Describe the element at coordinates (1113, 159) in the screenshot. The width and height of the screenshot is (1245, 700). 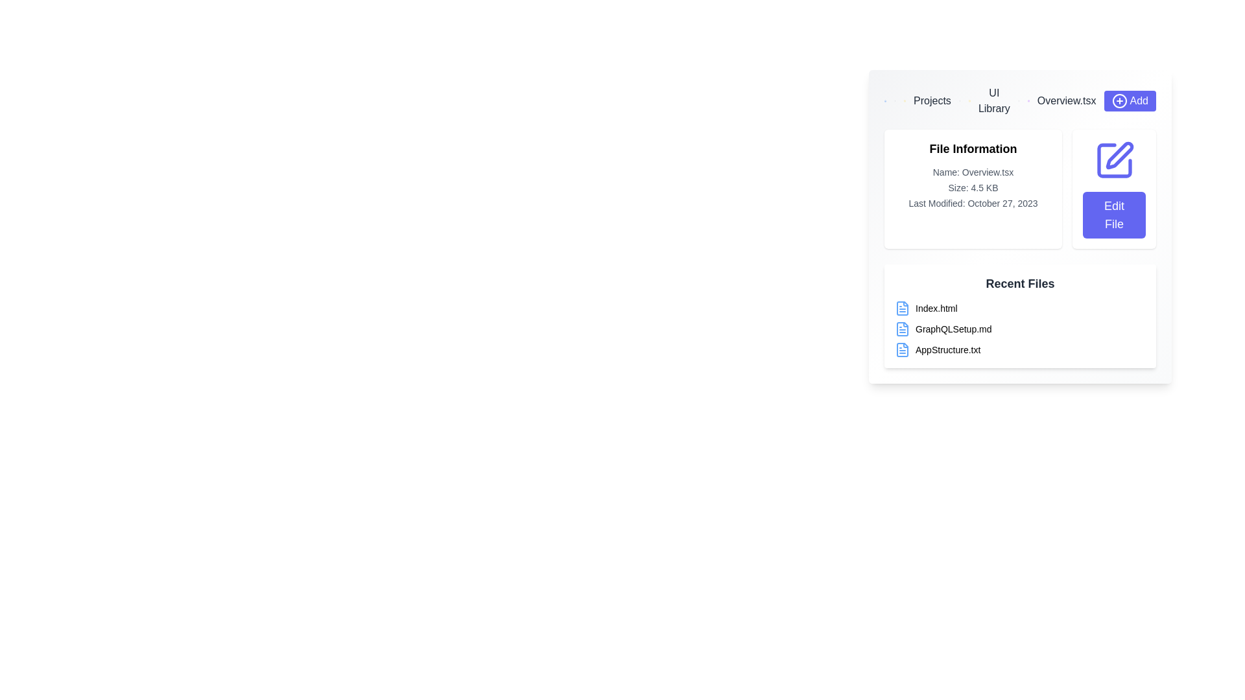
I see `the indigo square icon with a pen in the upper-right corner` at that location.